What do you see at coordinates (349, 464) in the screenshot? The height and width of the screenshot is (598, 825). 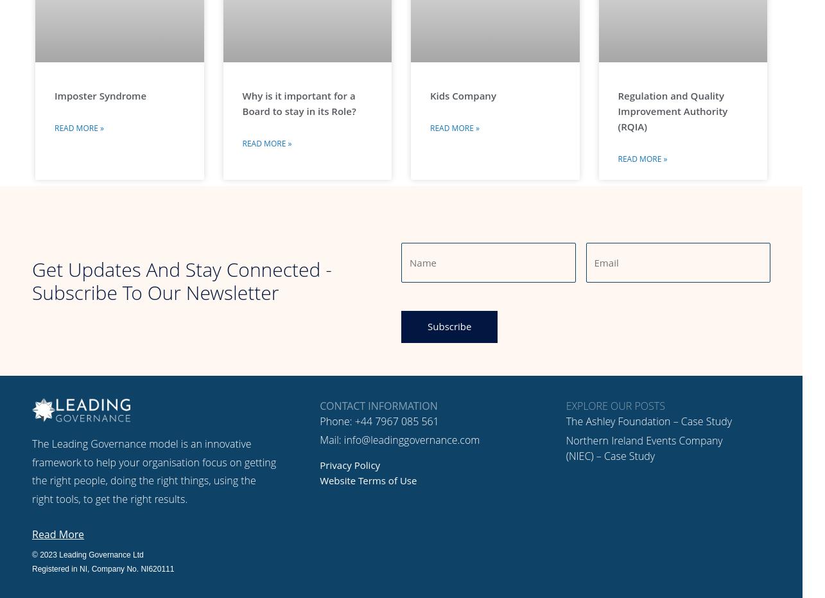 I see `'Privacy Policy'` at bounding box center [349, 464].